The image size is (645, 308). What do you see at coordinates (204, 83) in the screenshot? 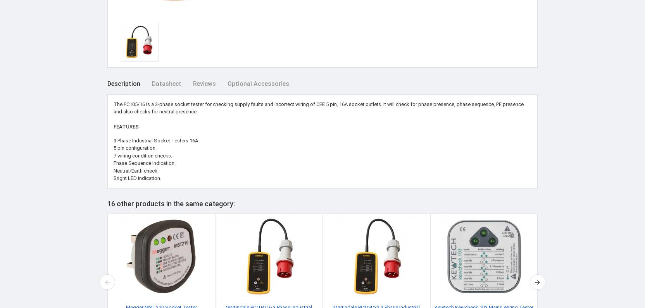
I see `'Reviews'` at bounding box center [204, 83].